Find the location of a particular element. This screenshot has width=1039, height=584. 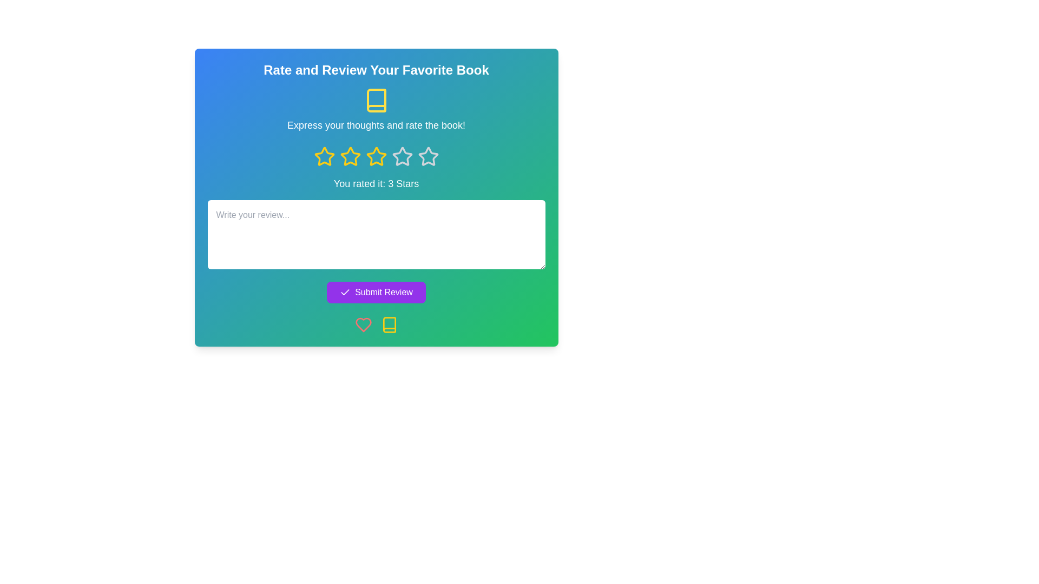

the static text heading at the top center of the dialog box, which provides a concise description of the dialog's purpose is located at coordinates (376, 70).